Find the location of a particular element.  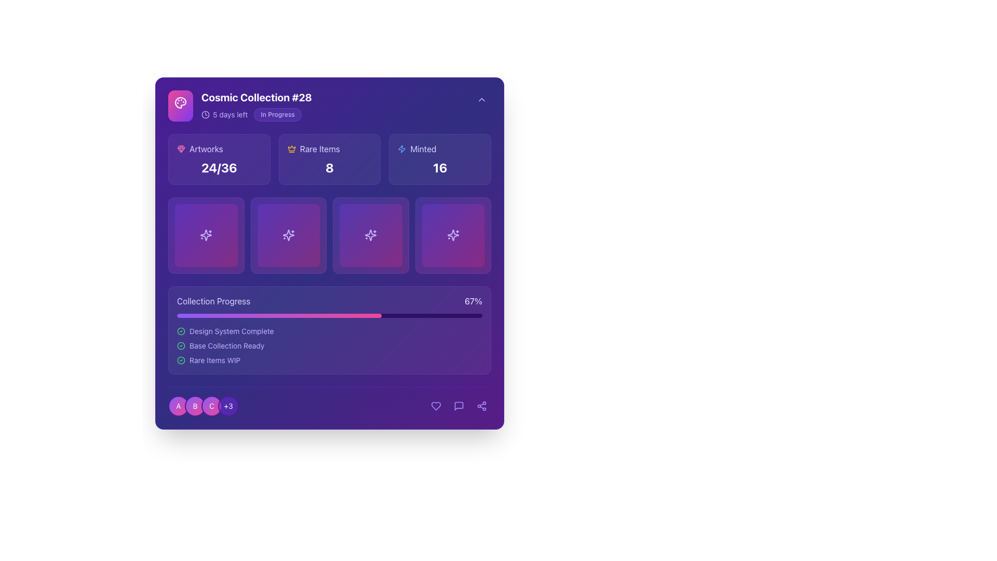

the heart icon located at the bottom-right corner of the interface is located at coordinates (436, 405).